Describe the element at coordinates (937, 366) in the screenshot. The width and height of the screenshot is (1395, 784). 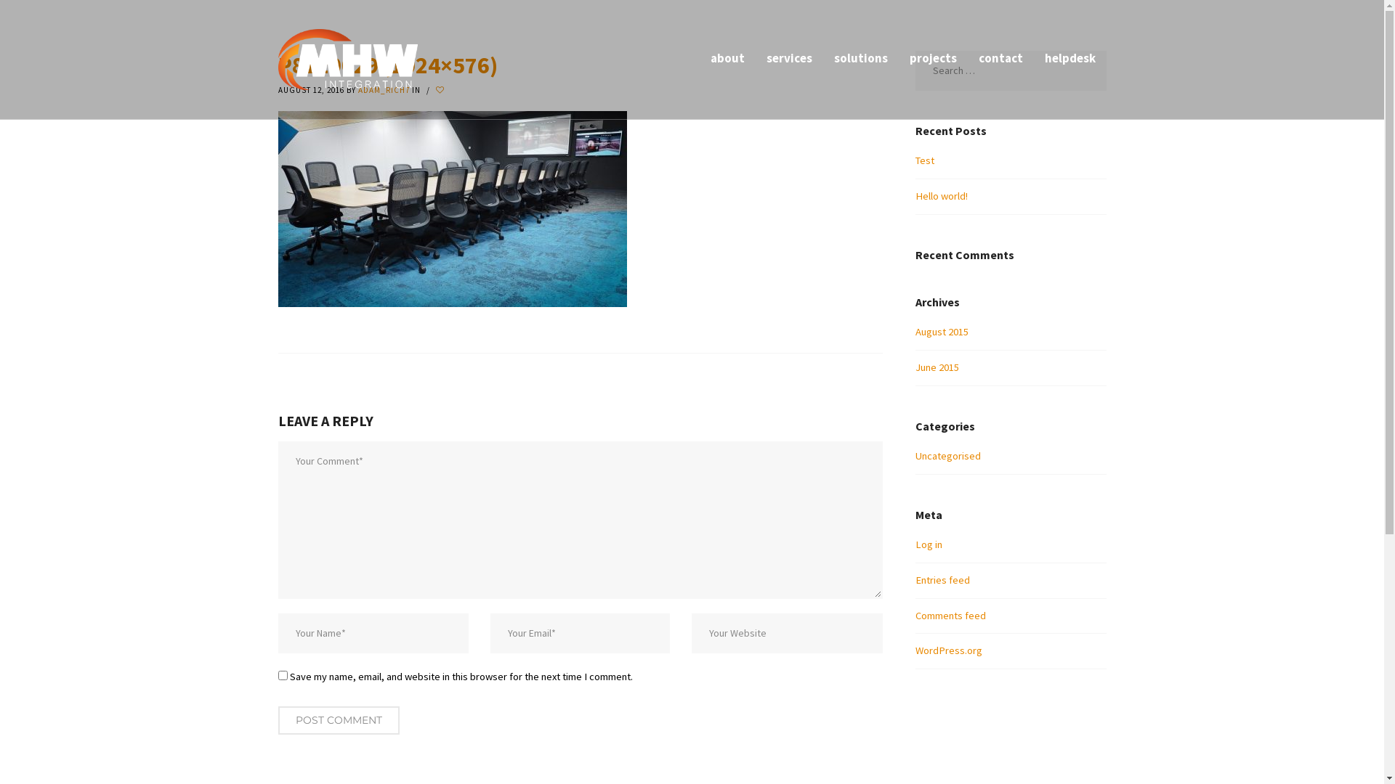
I see `'June 2015'` at that location.